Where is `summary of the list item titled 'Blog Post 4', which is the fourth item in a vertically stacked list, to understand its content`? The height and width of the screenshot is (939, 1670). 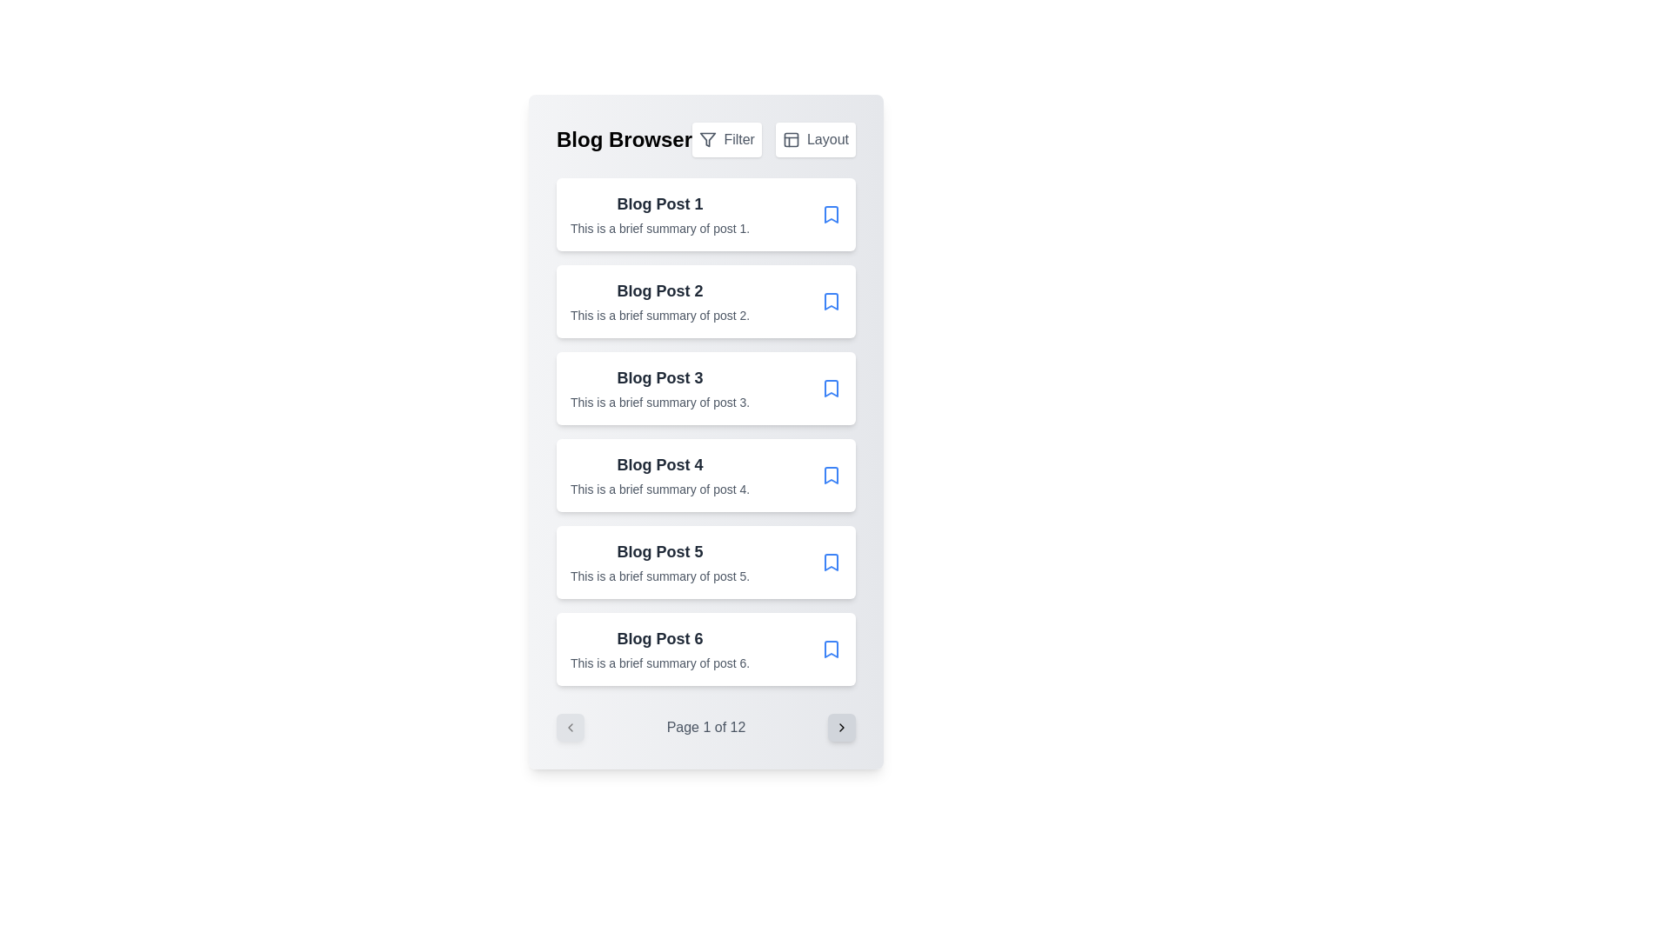 summary of the list item titled 'Blog Post 4', which is the fourth item in a vertically stacked list, to understand its content is located at coordinates (659, 476).